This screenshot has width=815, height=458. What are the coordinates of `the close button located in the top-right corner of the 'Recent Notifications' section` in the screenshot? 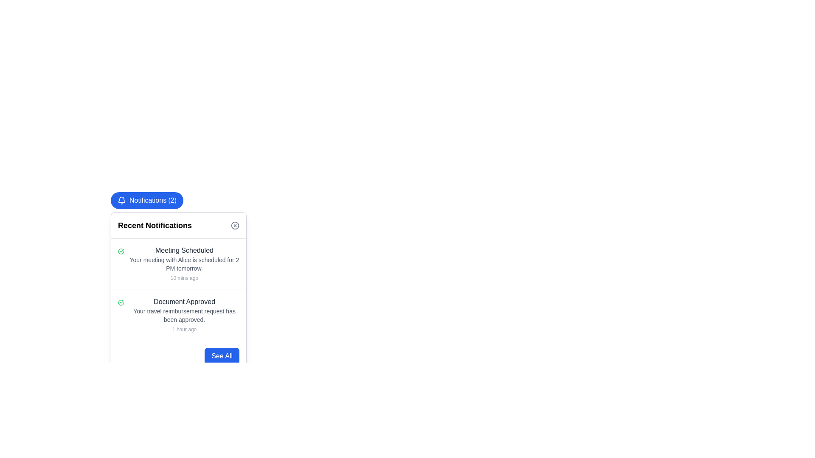 It's located at (235, 225).